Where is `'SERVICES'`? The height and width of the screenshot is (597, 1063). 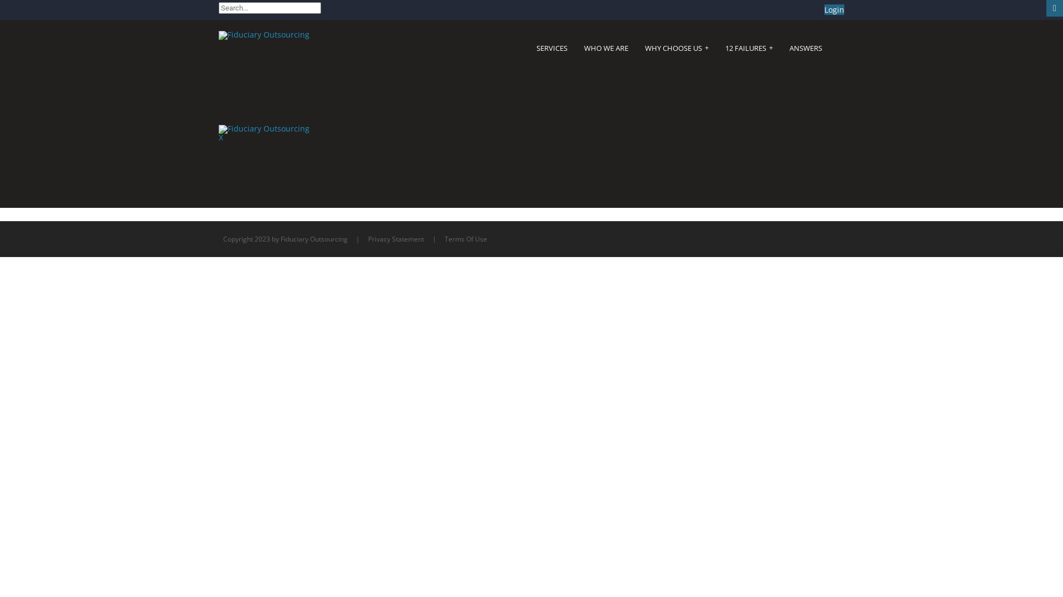 'SERVICES' is located at coordinates (536, 48).